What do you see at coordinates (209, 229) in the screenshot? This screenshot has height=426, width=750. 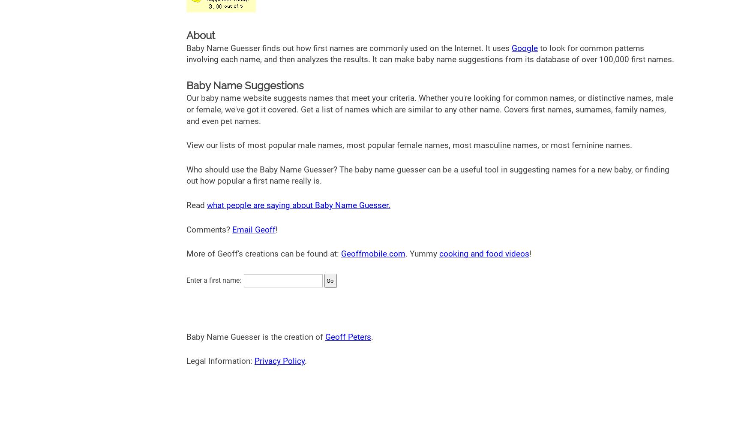 I see `'Comments?'` at bounding box center [209, 229].